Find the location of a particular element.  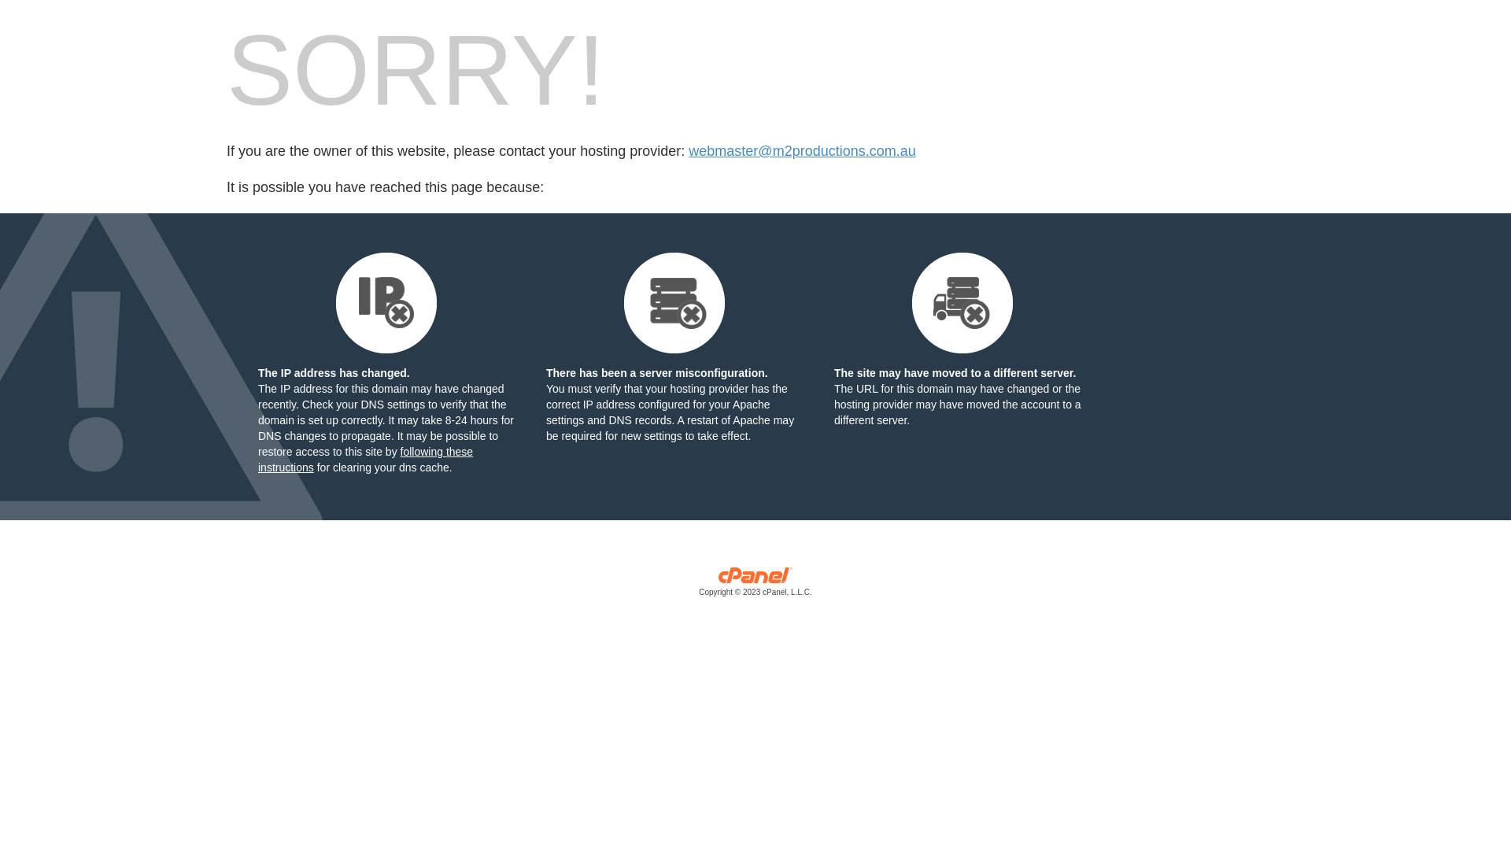

'webmaster@m2productions.com.au' is located at coordinates (801, 151).